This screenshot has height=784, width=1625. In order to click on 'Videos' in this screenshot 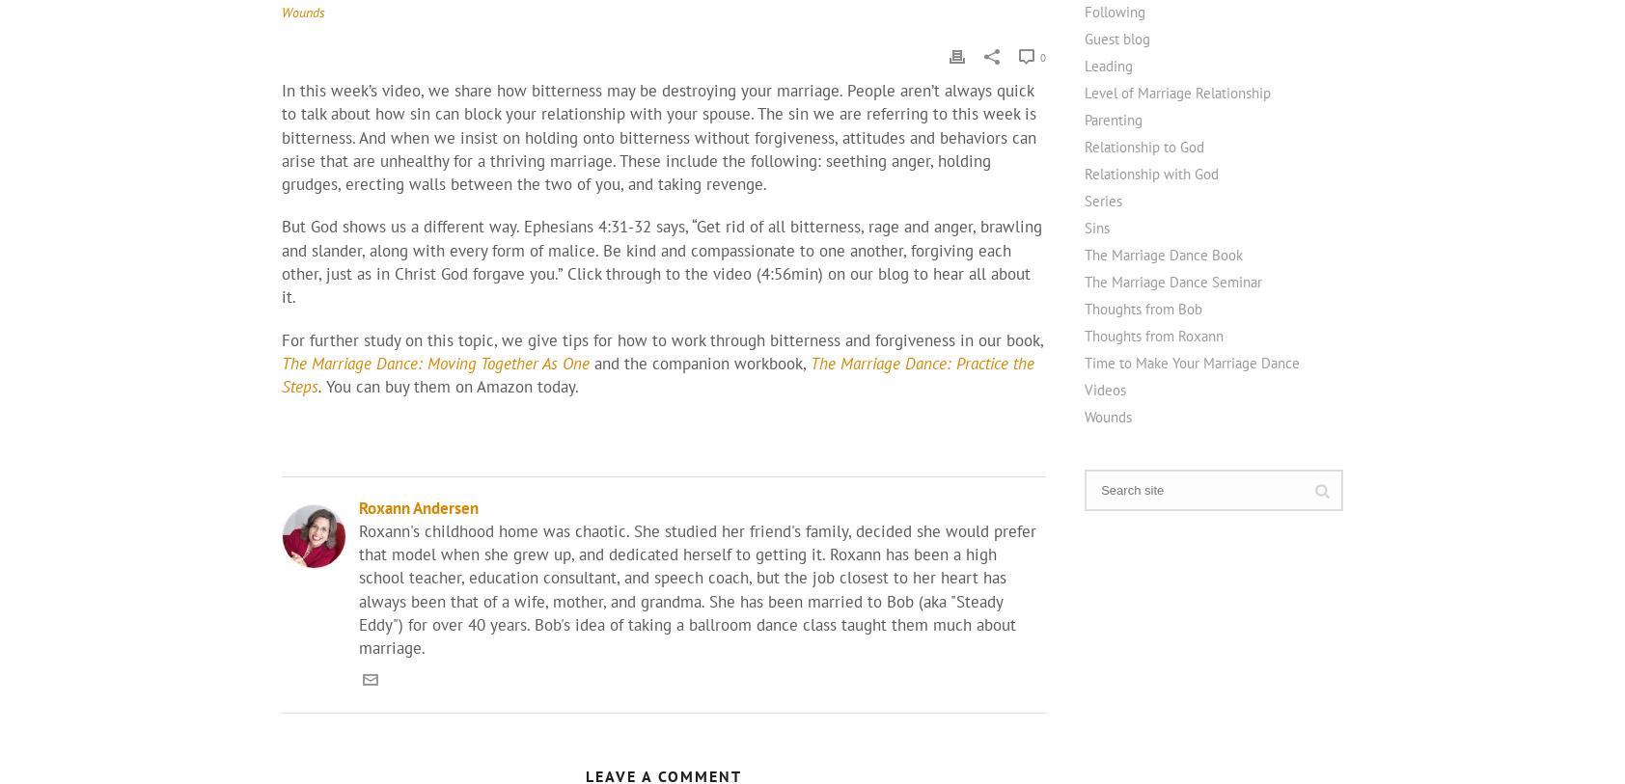, I will do `click(1105, 388)`.